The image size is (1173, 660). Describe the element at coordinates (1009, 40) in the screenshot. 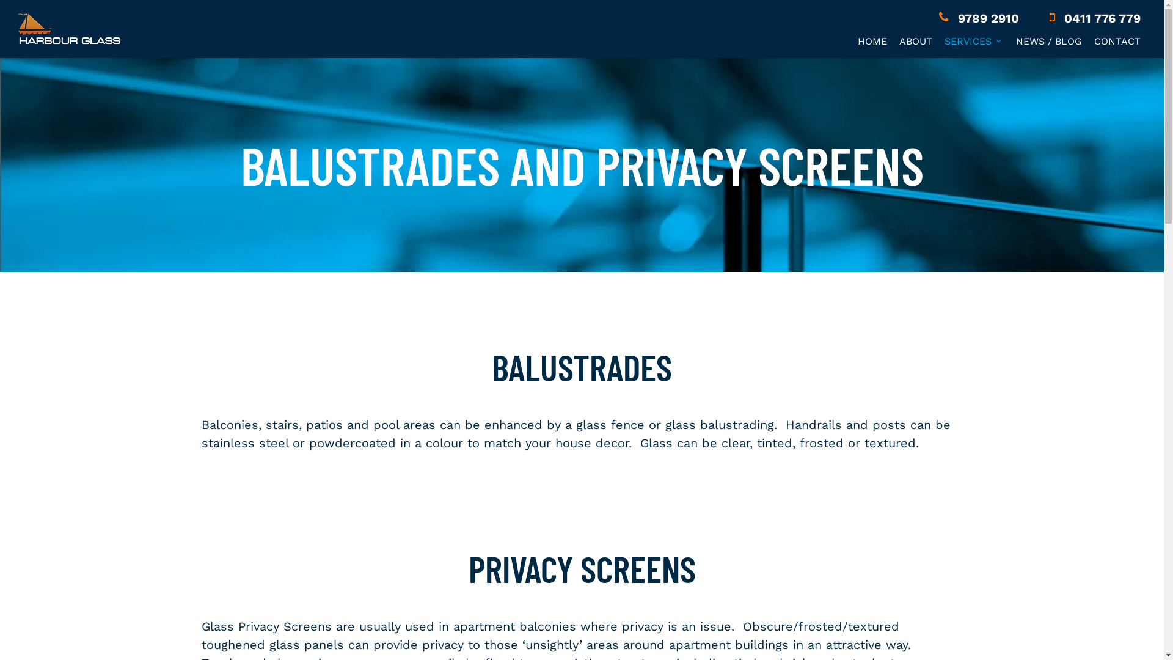

I see `'NEWS / BLOG'` at that location.